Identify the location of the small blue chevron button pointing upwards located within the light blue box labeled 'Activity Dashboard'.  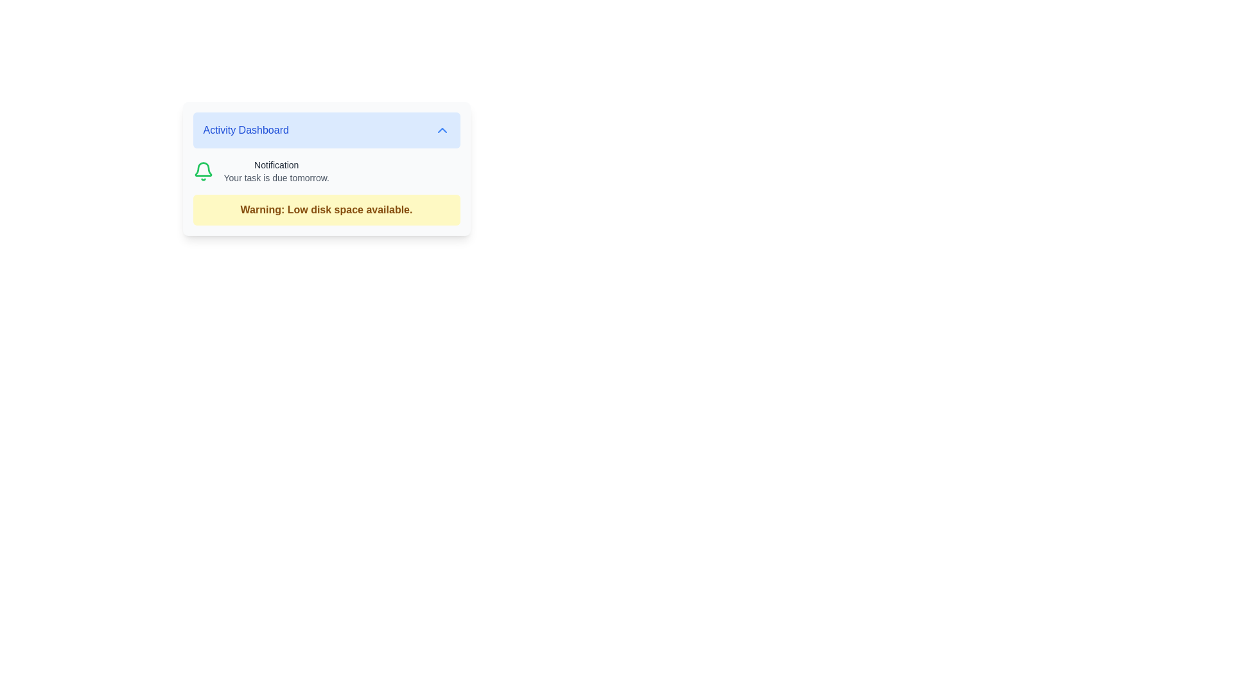
(442, 130).